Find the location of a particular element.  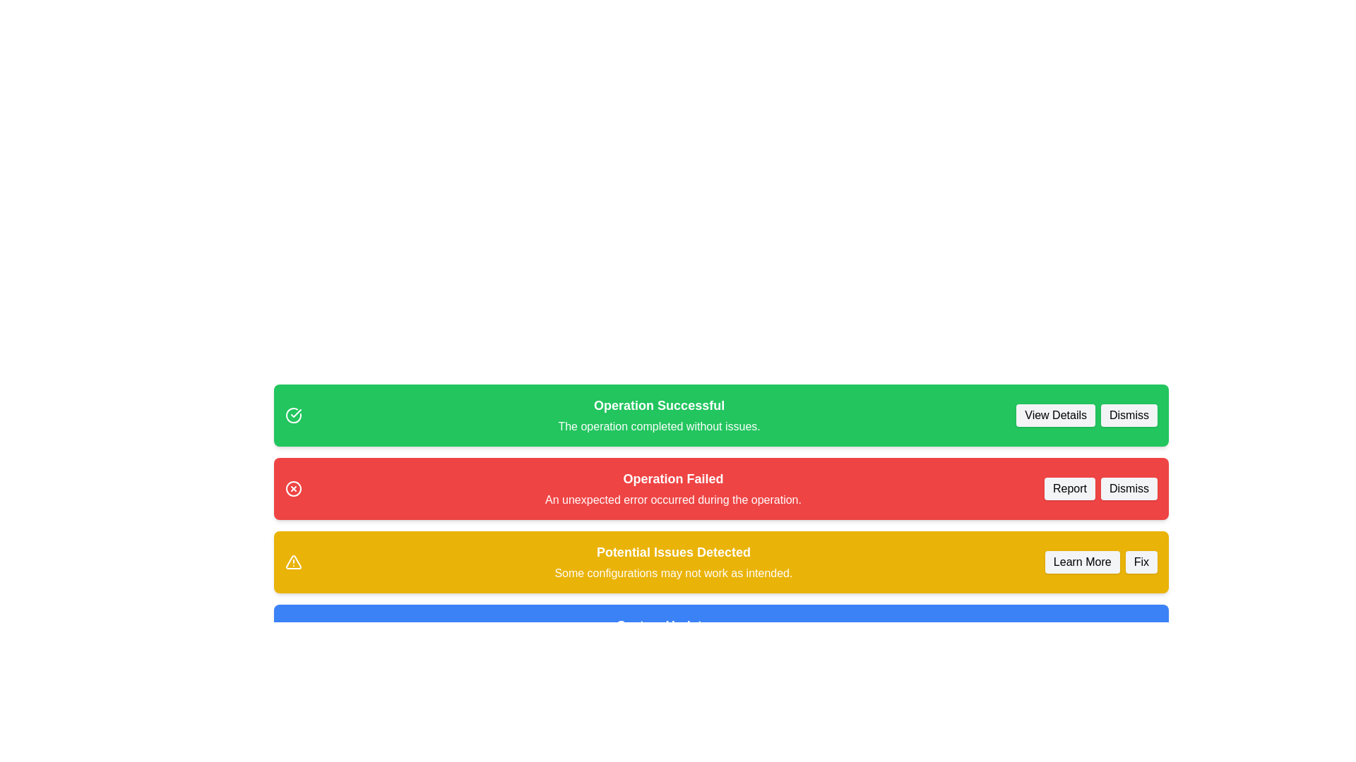

the heading element located at the top of the yellow section, which summarizes the primary concern or status of that section, just below the red section labeled 'Operation Failed' is located at coordinates (672, 552).